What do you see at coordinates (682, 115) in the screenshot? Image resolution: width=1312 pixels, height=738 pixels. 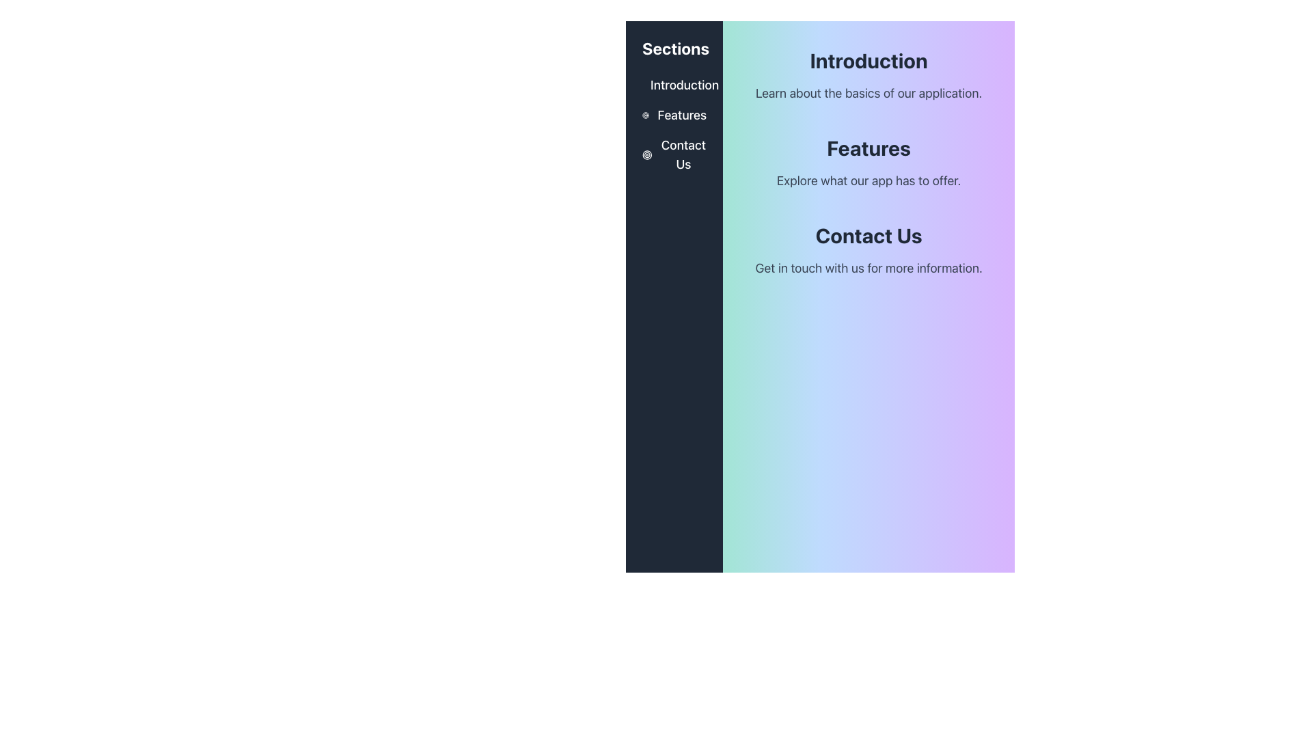 I see `the 'Features' hyperlink in the left navigation menu` at bounding box center [682, 115].